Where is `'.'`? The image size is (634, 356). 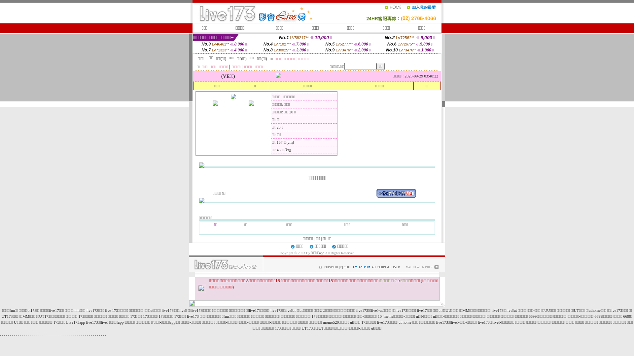
'.' is located at coordinates (83, 334).